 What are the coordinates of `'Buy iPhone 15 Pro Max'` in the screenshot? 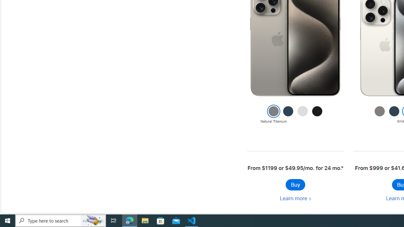 It's located at (295, 184).